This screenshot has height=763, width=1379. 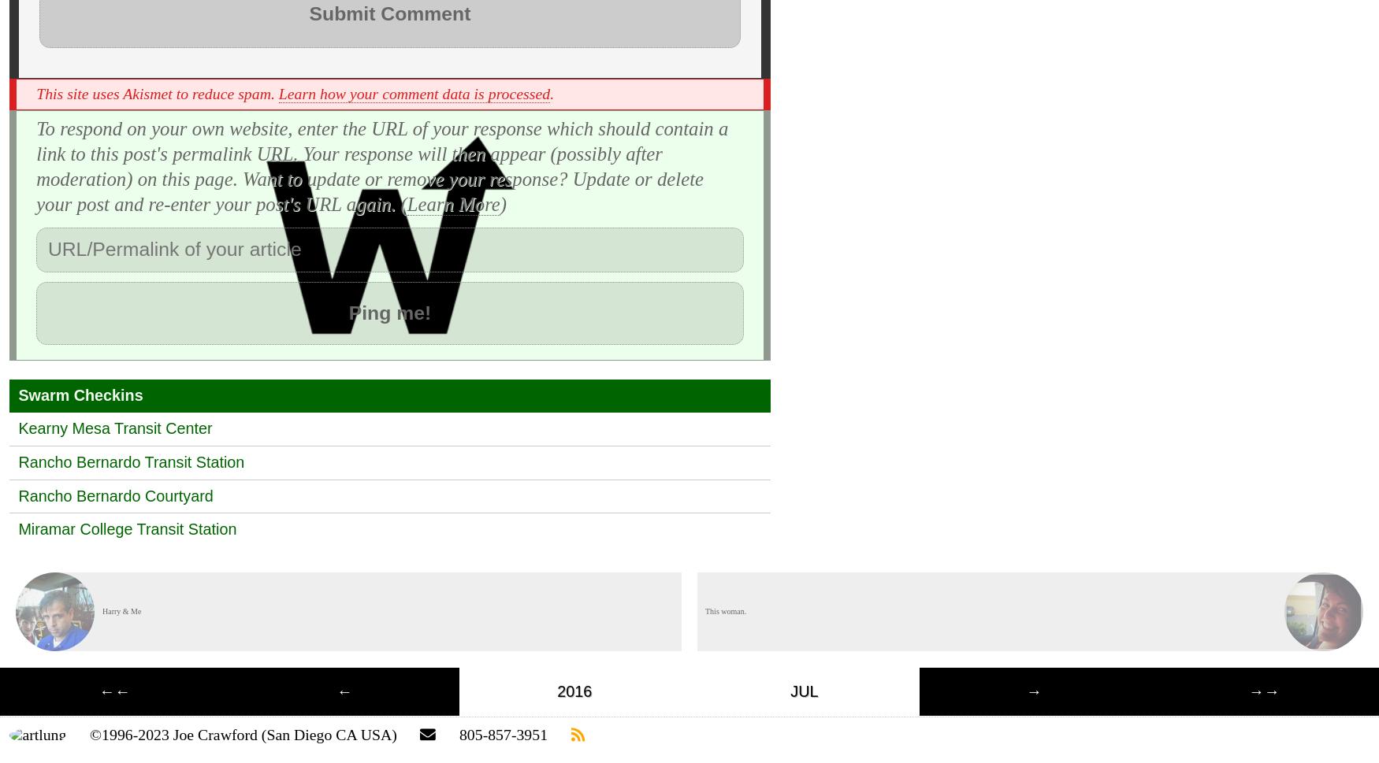 What do you see at coordinates (89, 733) in the screenshot?
I see `'©1996-2023'` at bounding box center [89, 733].